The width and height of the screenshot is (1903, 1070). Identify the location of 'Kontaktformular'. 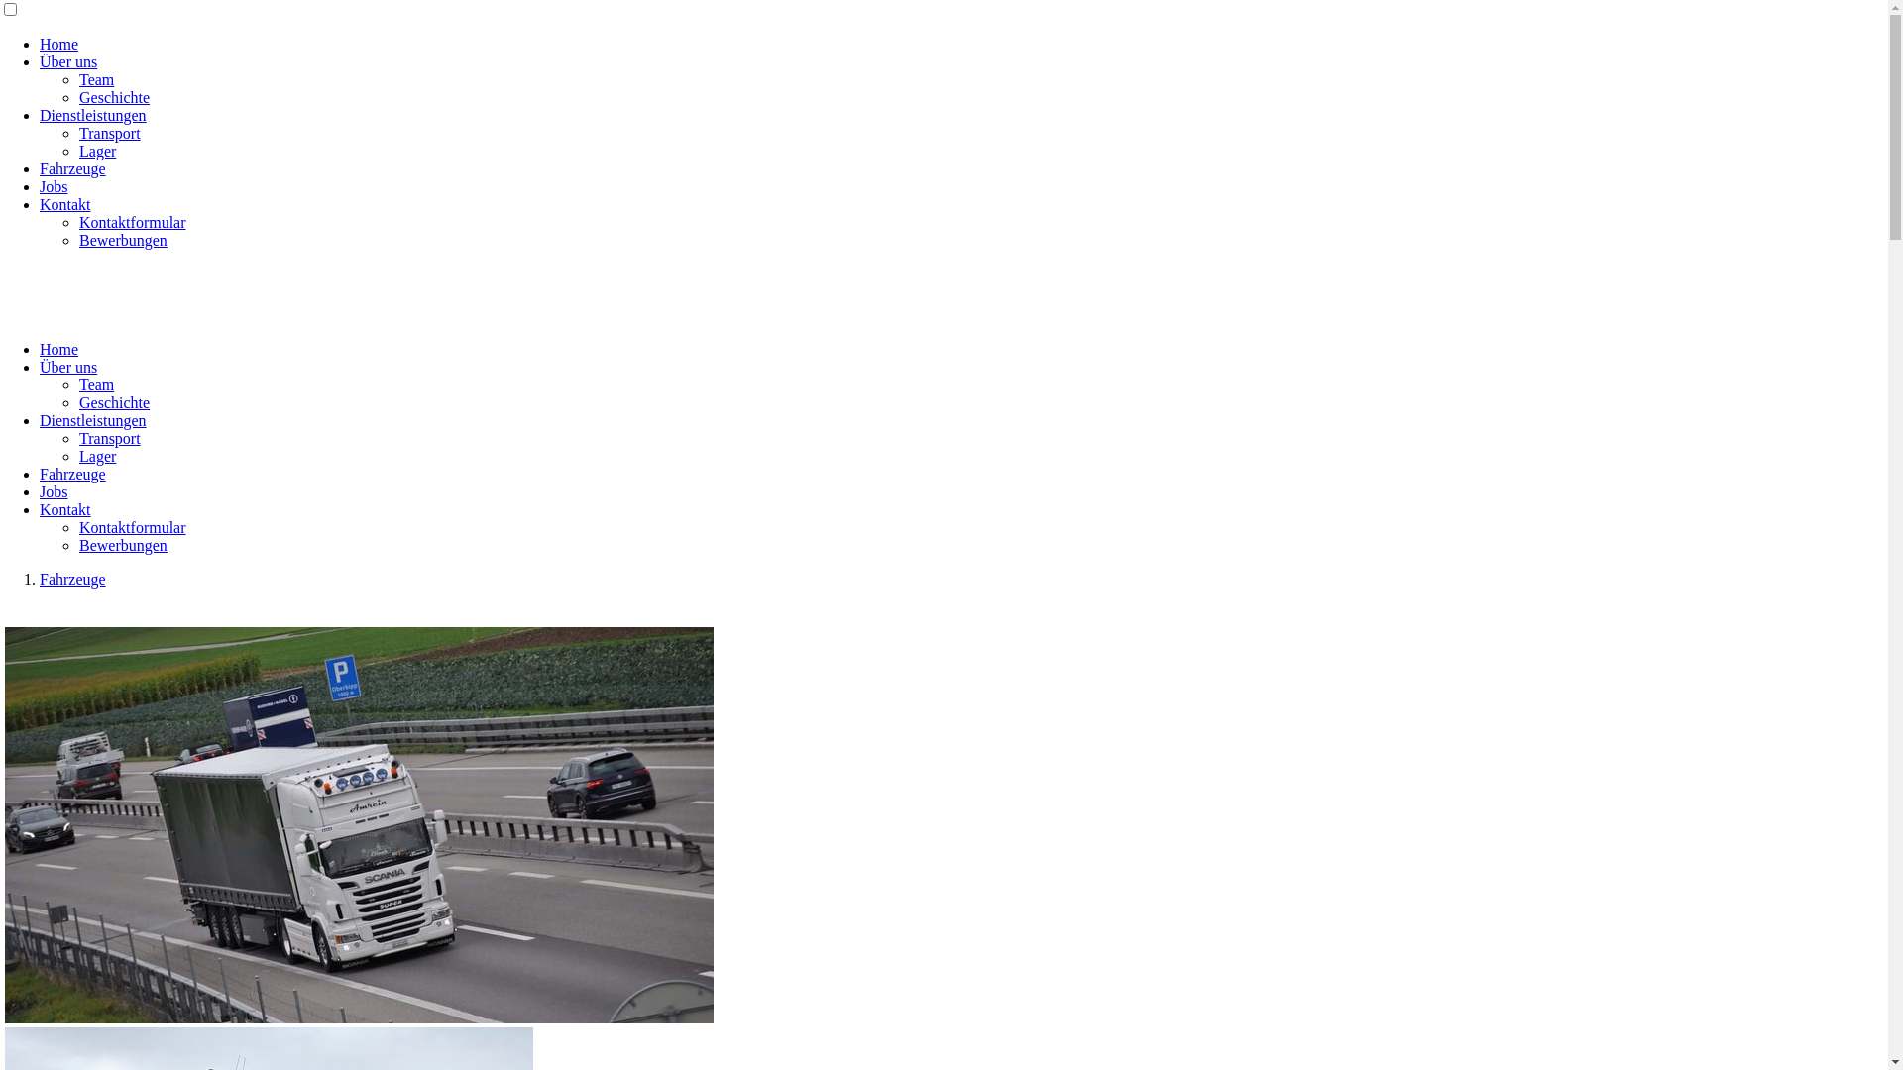
(132, 222).